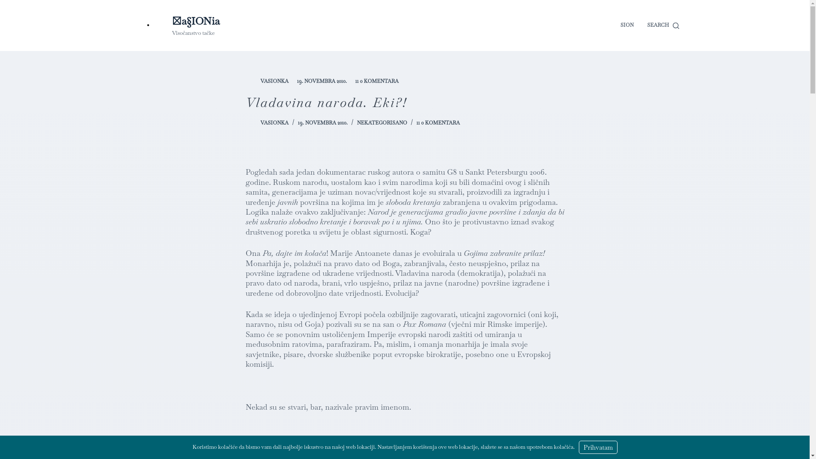 This screenshot has height=459, width=816. I want to click on 'NEKATEGORISANO', so click(381, 123).